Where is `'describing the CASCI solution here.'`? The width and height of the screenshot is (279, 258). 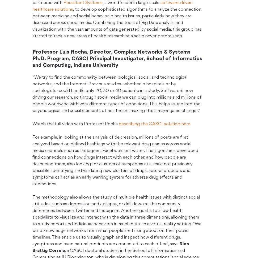
'describing the CASCI solution here.' is located at coordinates (155, 124).